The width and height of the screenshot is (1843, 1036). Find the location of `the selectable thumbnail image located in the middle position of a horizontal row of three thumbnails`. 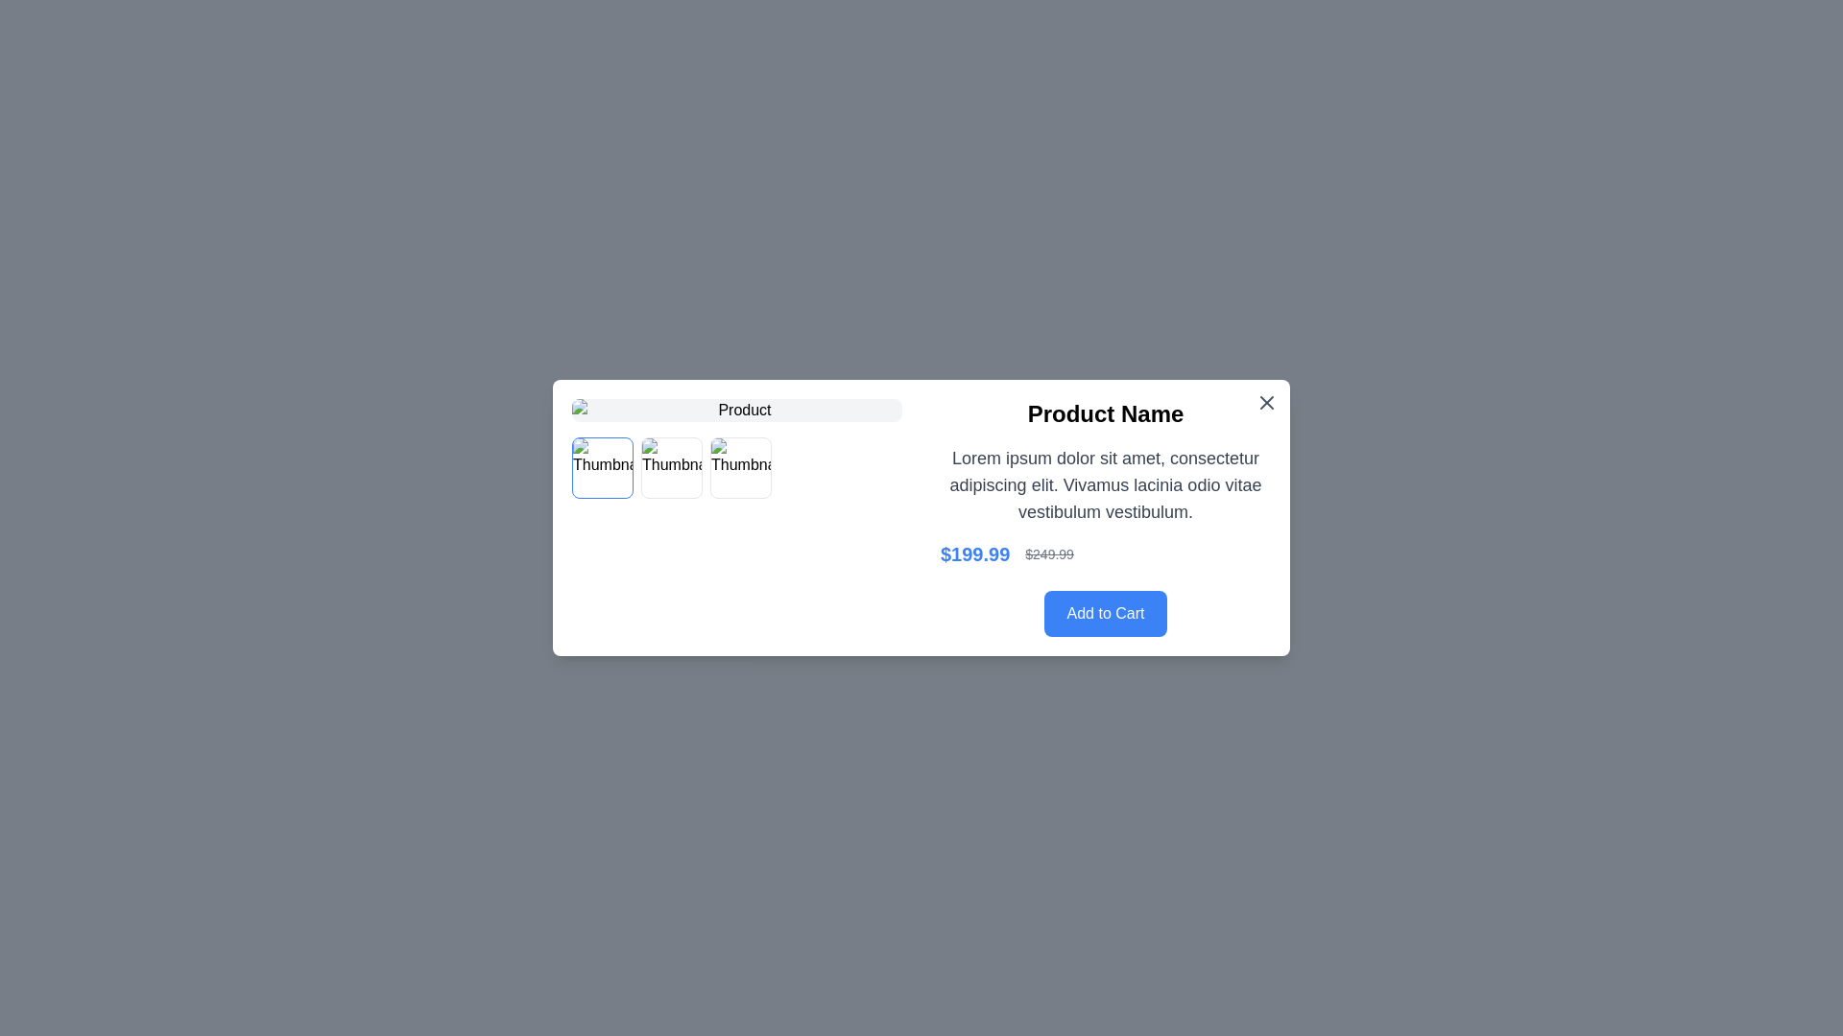

the selectable thumbnail image located in the middle position of a horizontal row of three thumbnails is located at coordinates (672, 468).